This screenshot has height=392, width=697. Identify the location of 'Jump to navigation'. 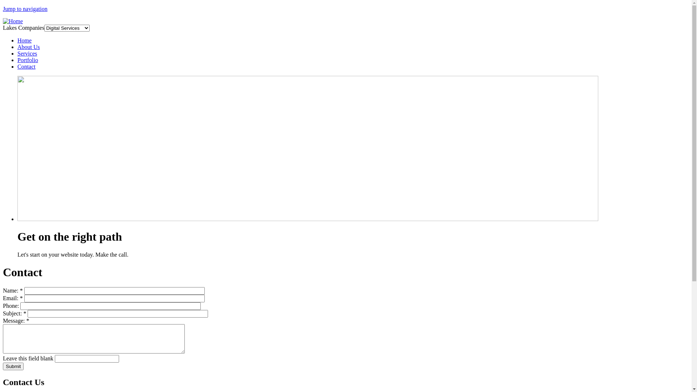
(25, 9).